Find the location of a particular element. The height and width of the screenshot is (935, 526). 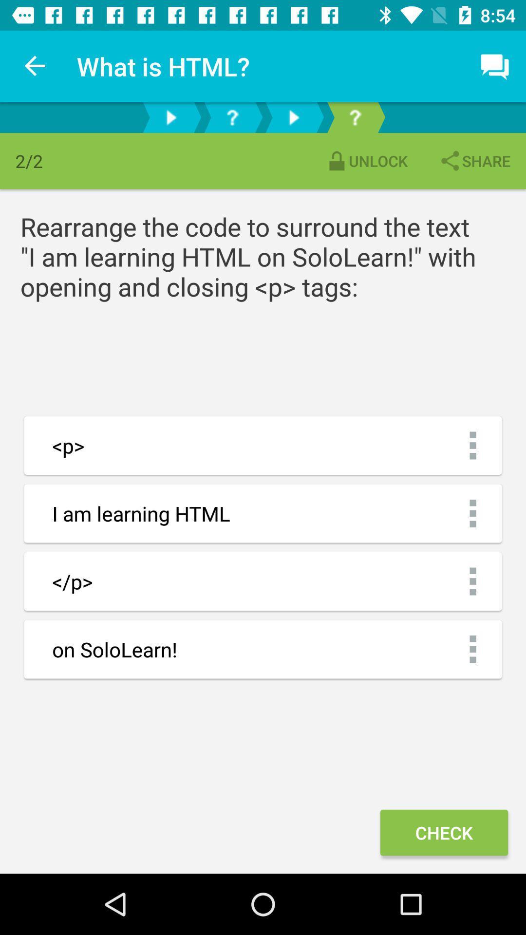

the second next arrow button to the right of  symbol is located at coordinates (293, 117).